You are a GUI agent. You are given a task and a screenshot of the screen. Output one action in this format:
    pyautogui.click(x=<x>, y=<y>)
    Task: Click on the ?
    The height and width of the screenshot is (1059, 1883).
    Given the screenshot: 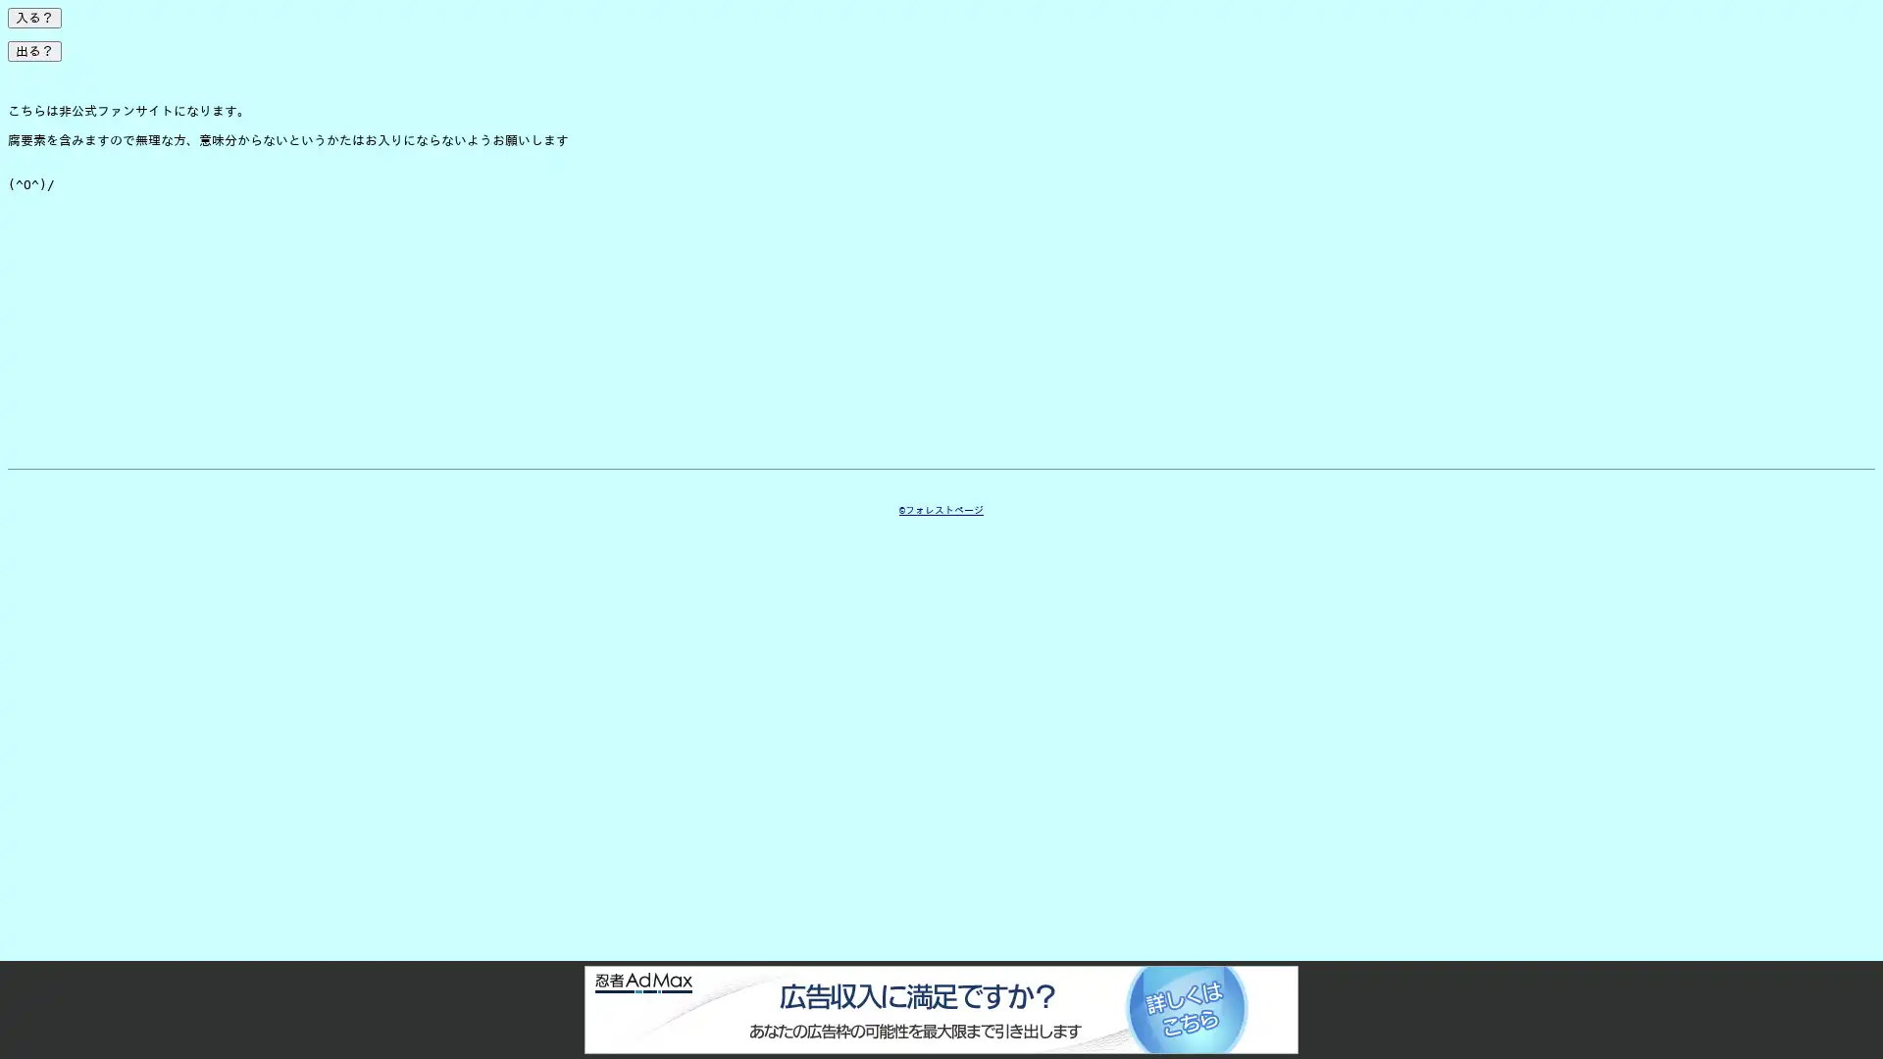 What is the action you would take?
    pyautogui.click(x=34, y=18)
    